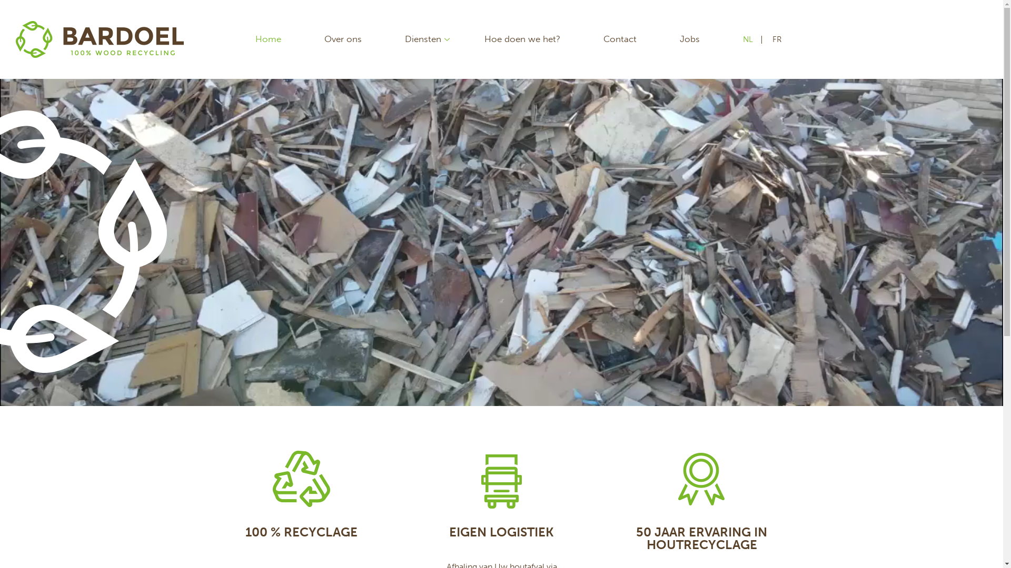  I want to click on 'Jobs', so click(690, 38).